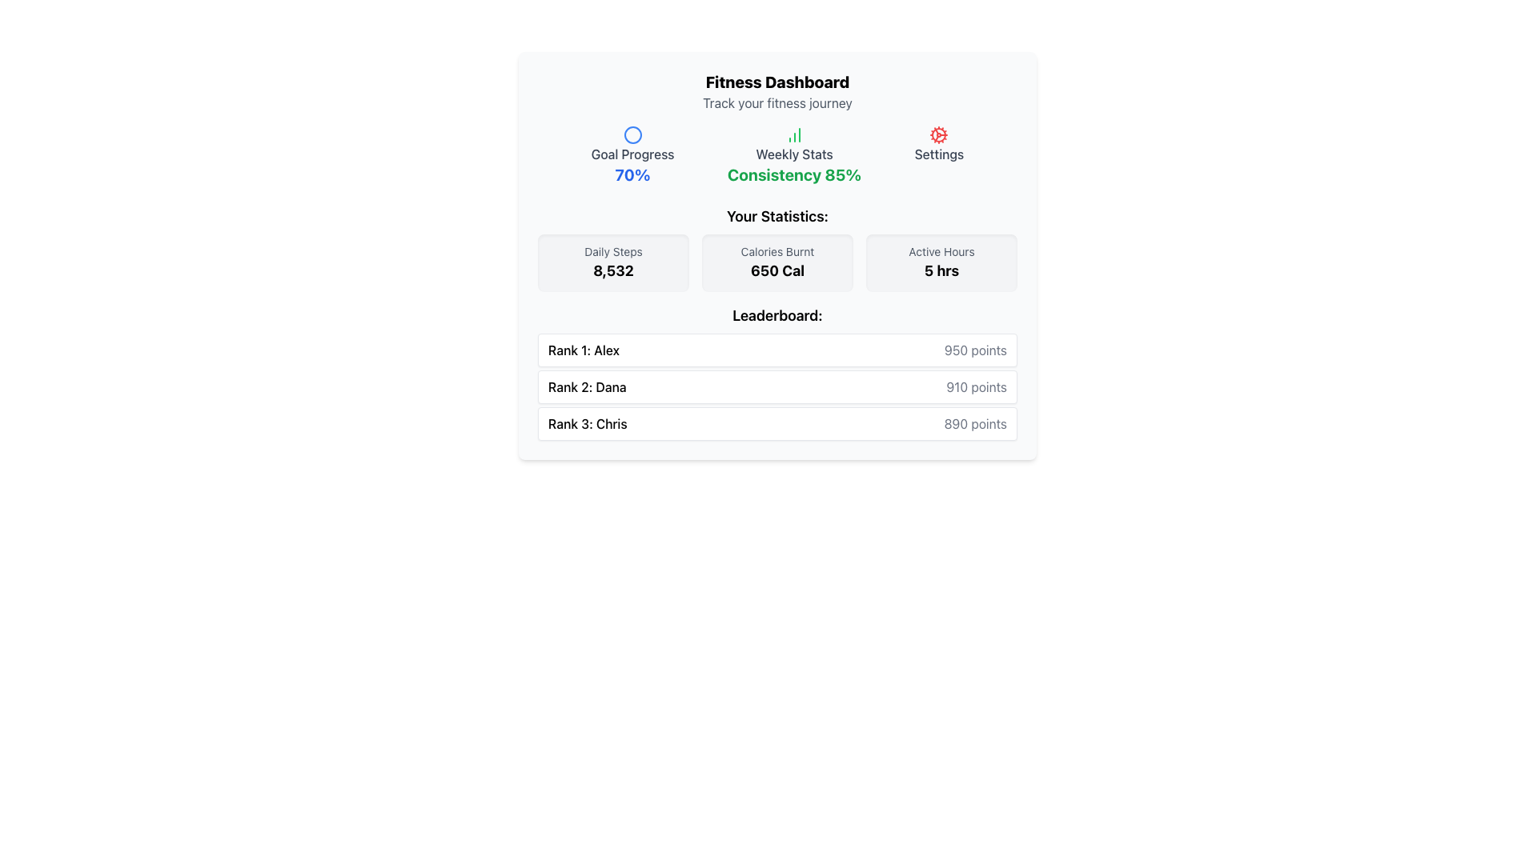  What do you see at coordinates (939, 134) in the screenshot?
I see `the 'Settings' icon located in the upper-right corner of the application interface` at bounding box center [939, 134].